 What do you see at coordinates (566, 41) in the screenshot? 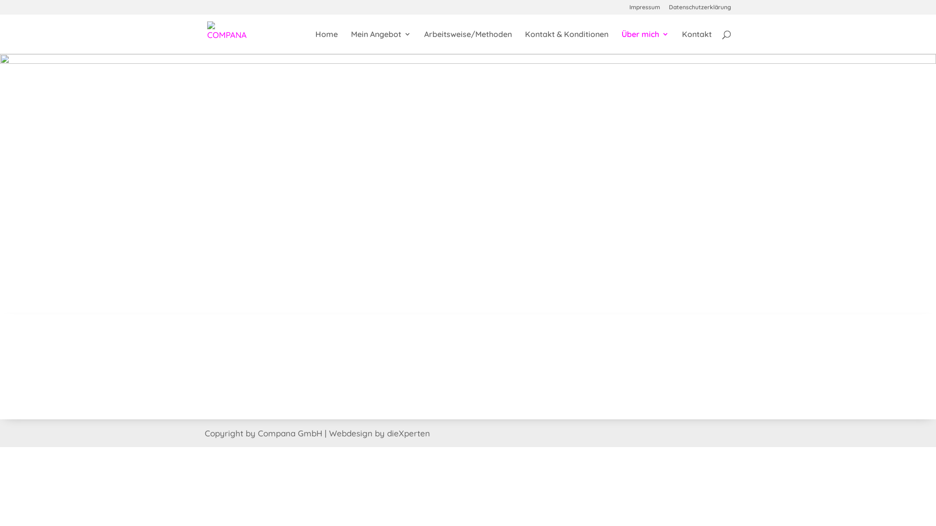
I see `'Kontakt & Konditionen'` at bounding box center [566, 41].